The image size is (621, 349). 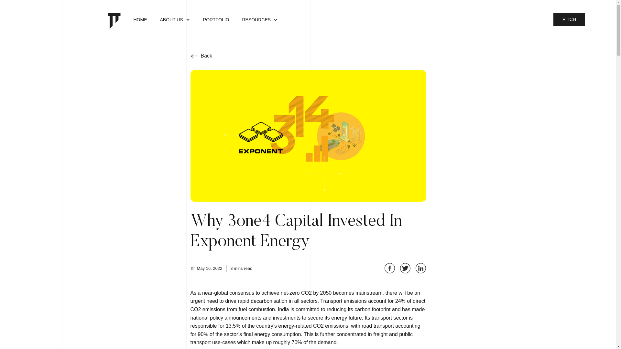 I want to click on 'Share on Facebook', so click(x=389, y=268).